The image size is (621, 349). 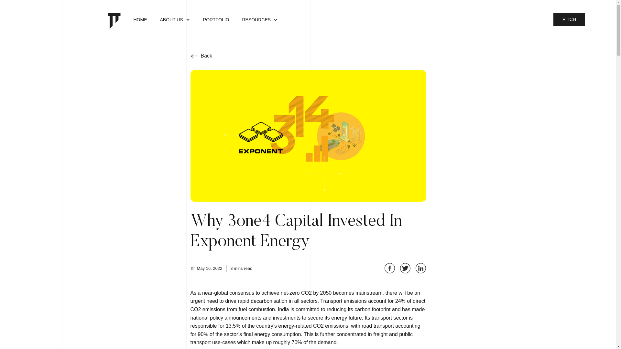 I want to click on 'Share on Facebook', so click(x=389, y=268).